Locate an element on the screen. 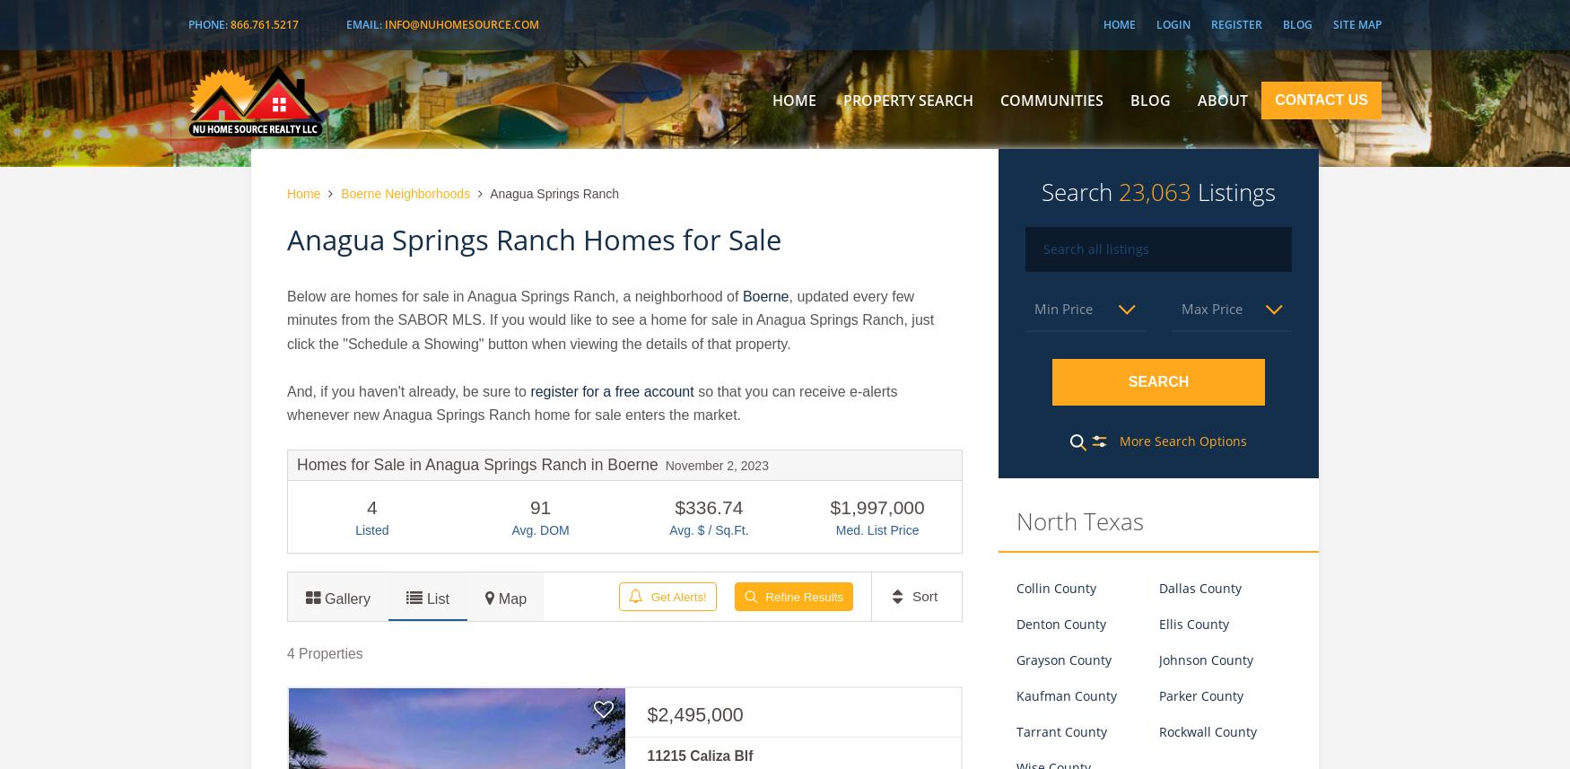 The width and height of the screenshot is (1570, 769). 'Tarrant County' is located at coordinates (1060, 731).